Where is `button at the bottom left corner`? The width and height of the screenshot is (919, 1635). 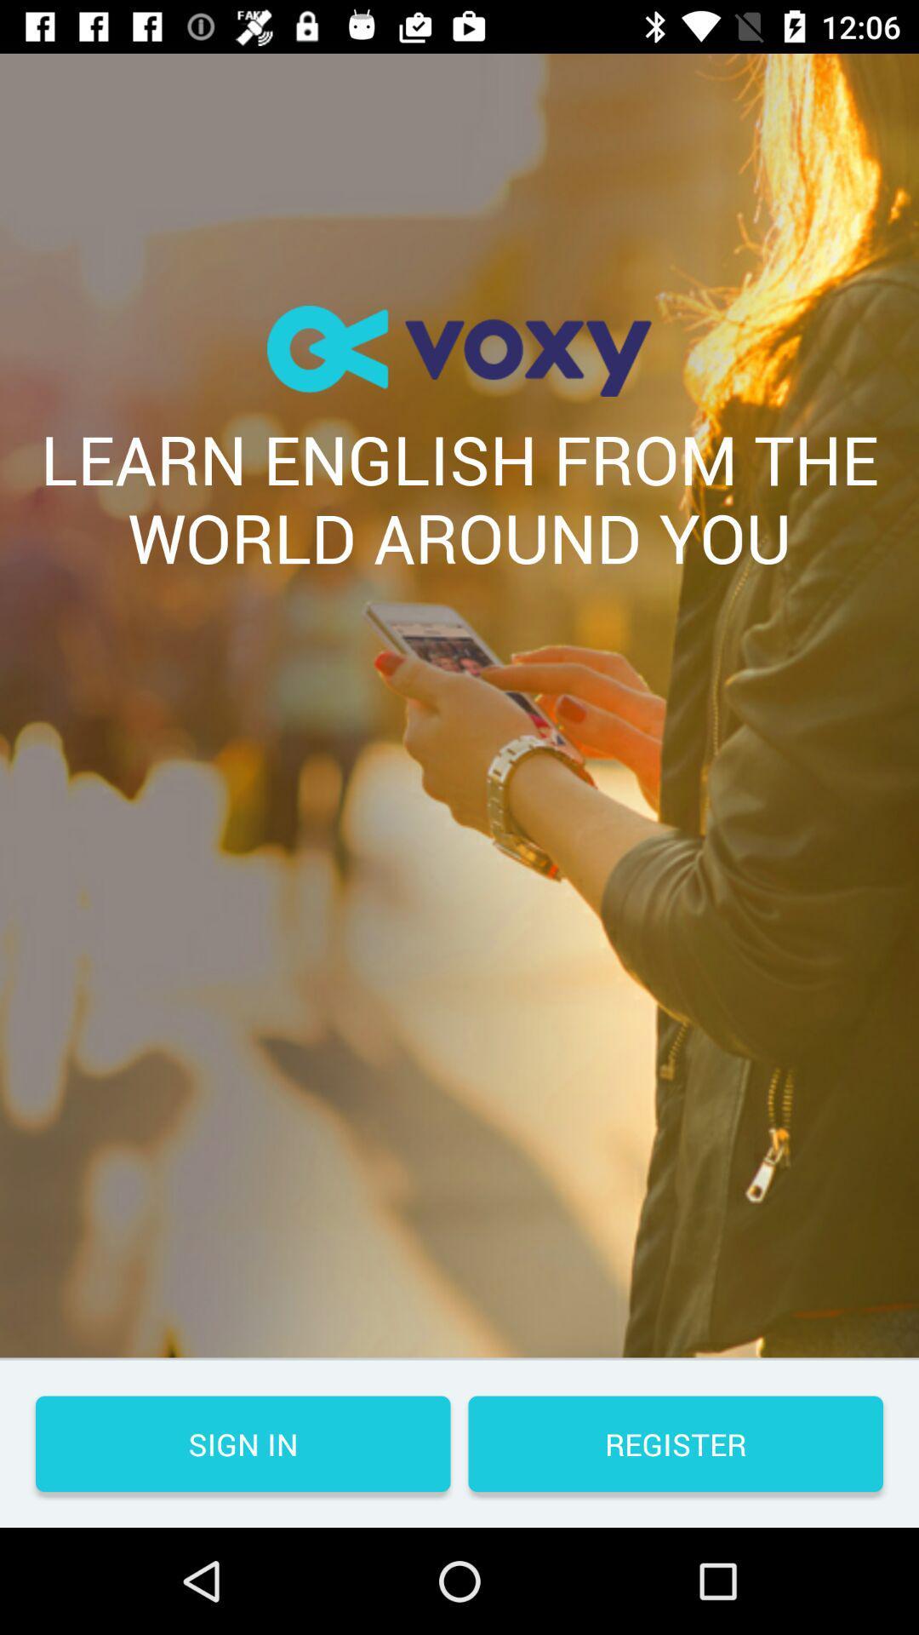 button at the bottom left corner is located at coordinates (243, 1443).